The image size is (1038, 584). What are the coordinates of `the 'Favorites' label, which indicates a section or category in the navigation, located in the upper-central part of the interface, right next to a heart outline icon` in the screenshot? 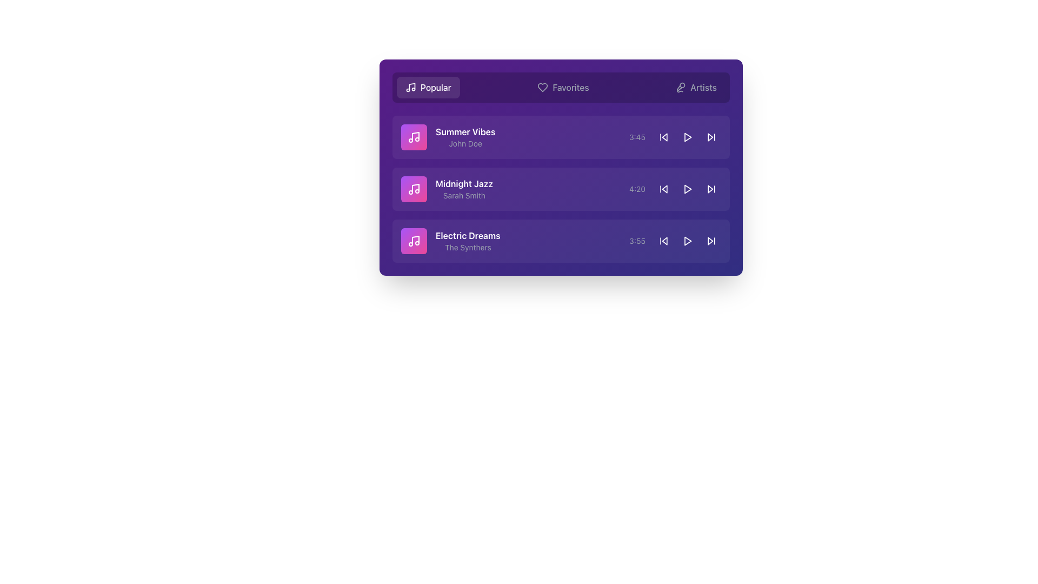 It's located at (570, 87).